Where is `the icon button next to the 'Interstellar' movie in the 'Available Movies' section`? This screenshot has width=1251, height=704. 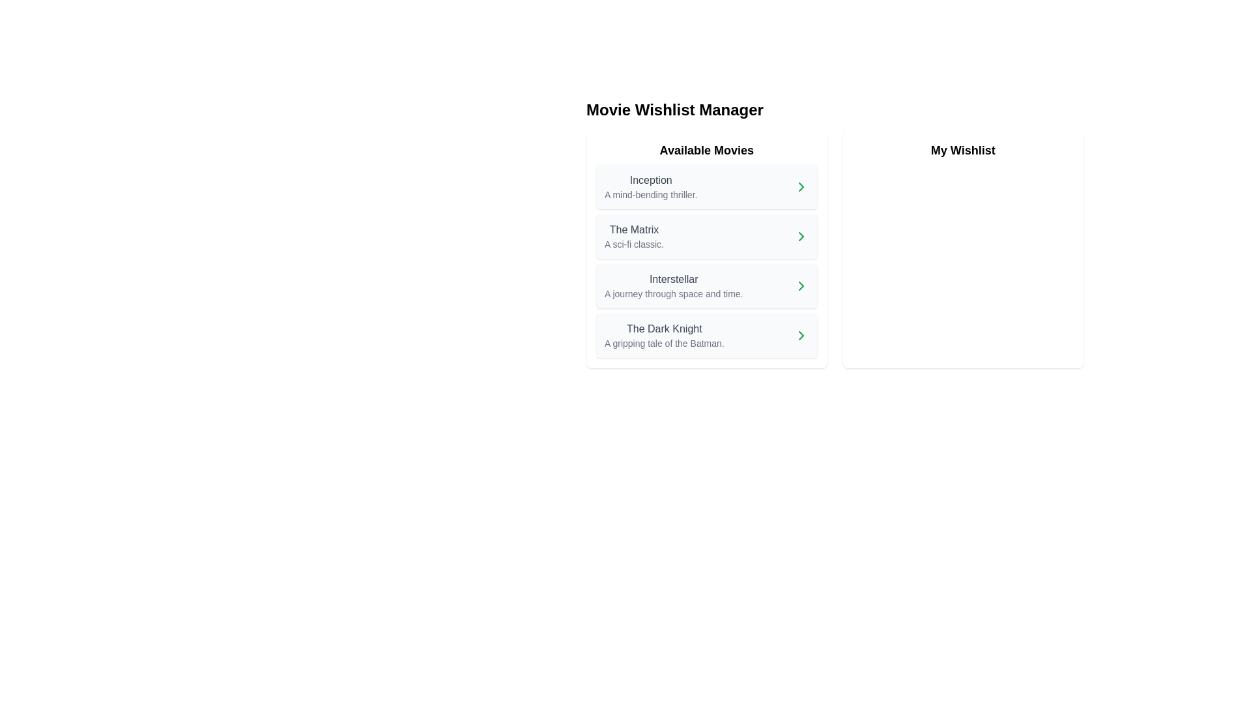
the icon button next to the 'Interstellar' movie in the 'Available Movies' section is located at coordinates (800, 286).